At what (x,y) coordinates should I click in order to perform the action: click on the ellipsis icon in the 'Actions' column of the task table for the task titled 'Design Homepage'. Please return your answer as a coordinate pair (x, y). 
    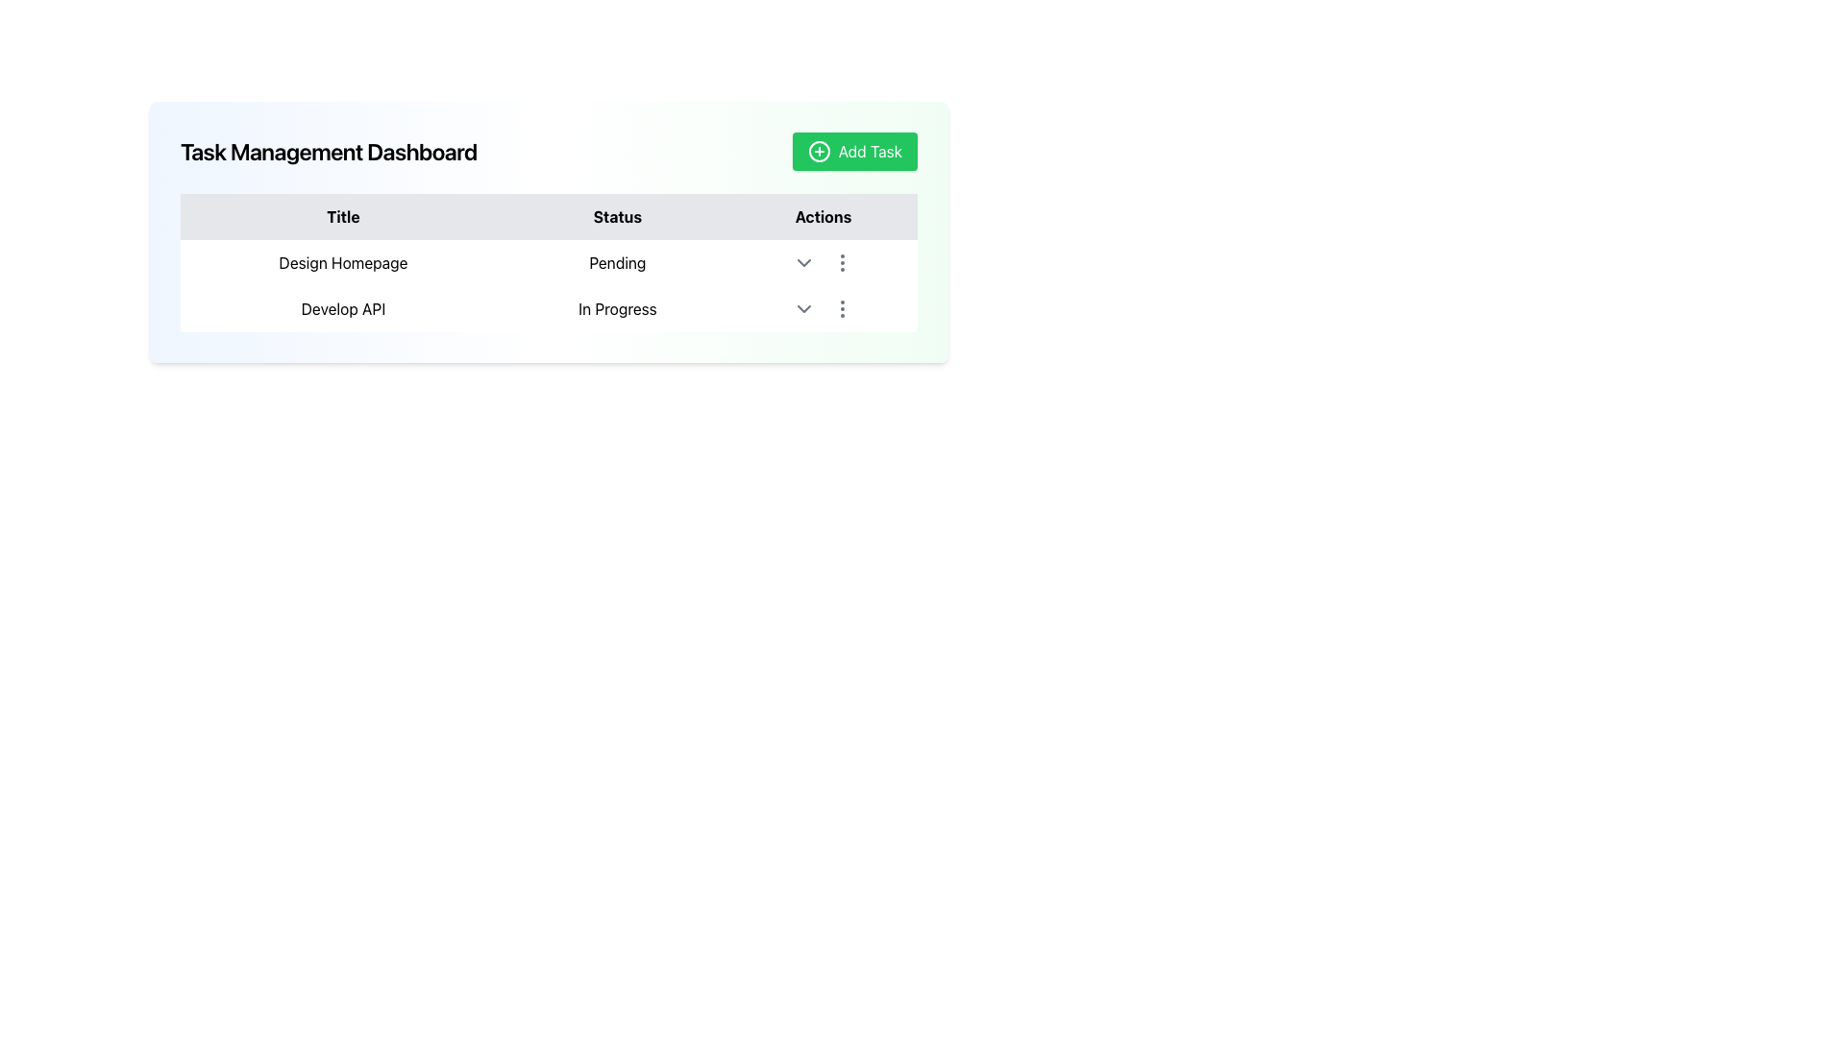
    Looking at the image, I should click on (842, 262).